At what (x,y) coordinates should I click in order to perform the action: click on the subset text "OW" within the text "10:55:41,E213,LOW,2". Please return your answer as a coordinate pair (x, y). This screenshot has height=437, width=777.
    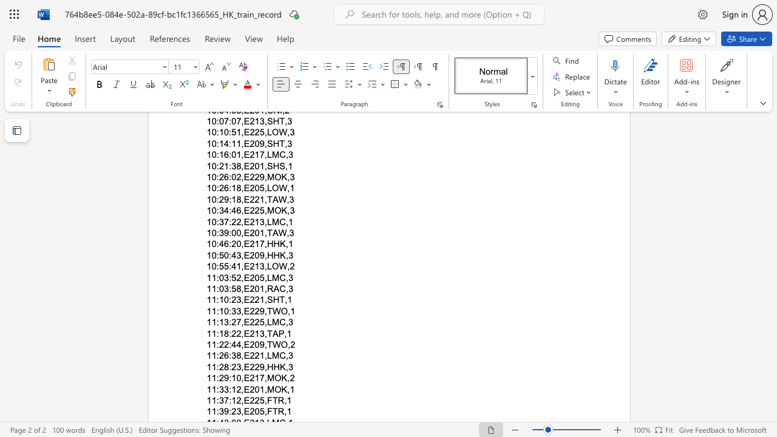
    Looking at the image, I should click on (271, 266).